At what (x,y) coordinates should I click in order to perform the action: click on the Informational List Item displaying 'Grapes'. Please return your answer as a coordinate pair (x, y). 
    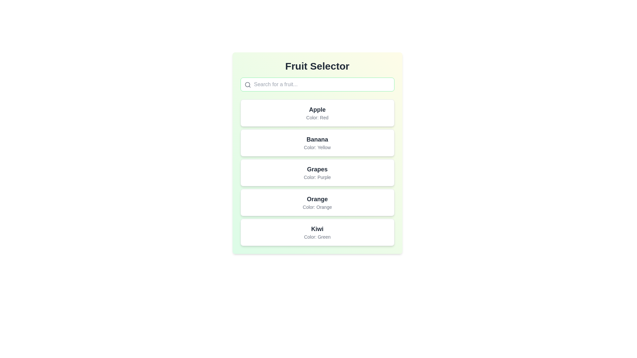
    Looking at the image, I should click on (317, 172).